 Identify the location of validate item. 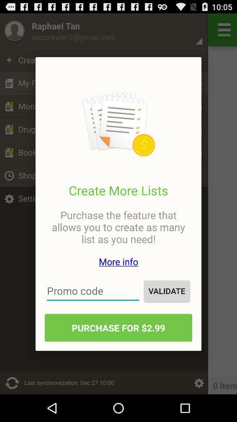
(167, 291).